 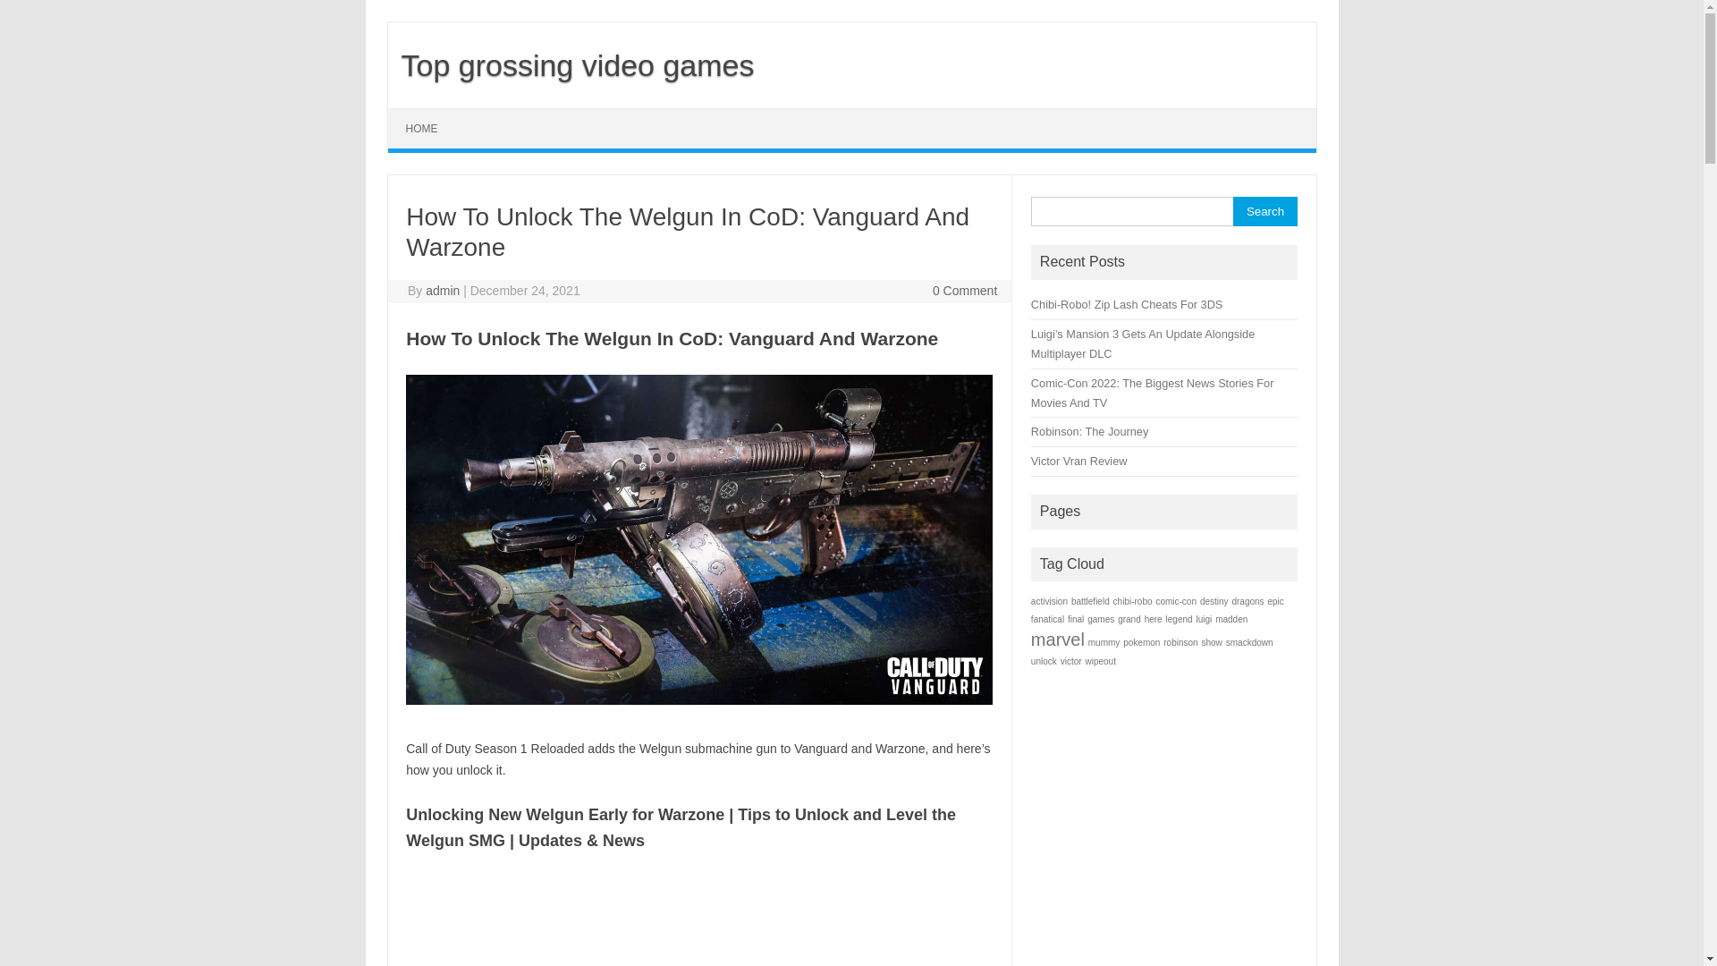 What do you see at coordinates (1180, 618) in the screenshot?
I see `'legend'` at bounding box center [1180, 618].